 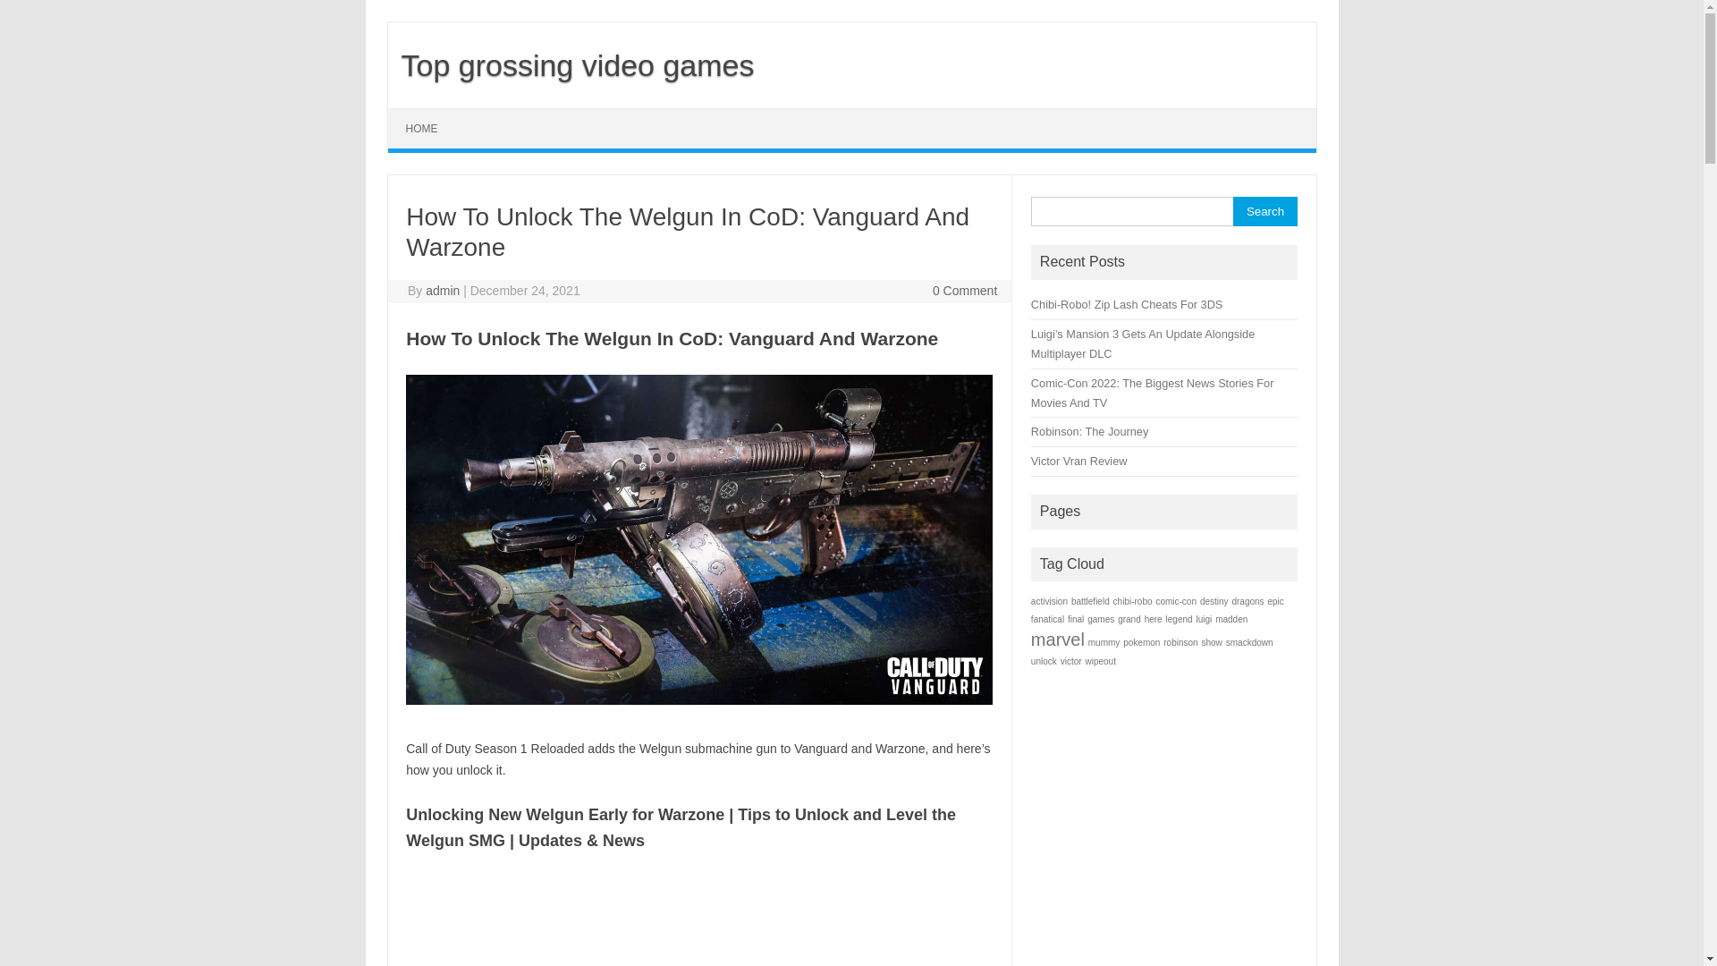 What do you see at coordinates (1180, 618) in the screenshot?
I see `'legend'` at bounding box center [1180, 618].